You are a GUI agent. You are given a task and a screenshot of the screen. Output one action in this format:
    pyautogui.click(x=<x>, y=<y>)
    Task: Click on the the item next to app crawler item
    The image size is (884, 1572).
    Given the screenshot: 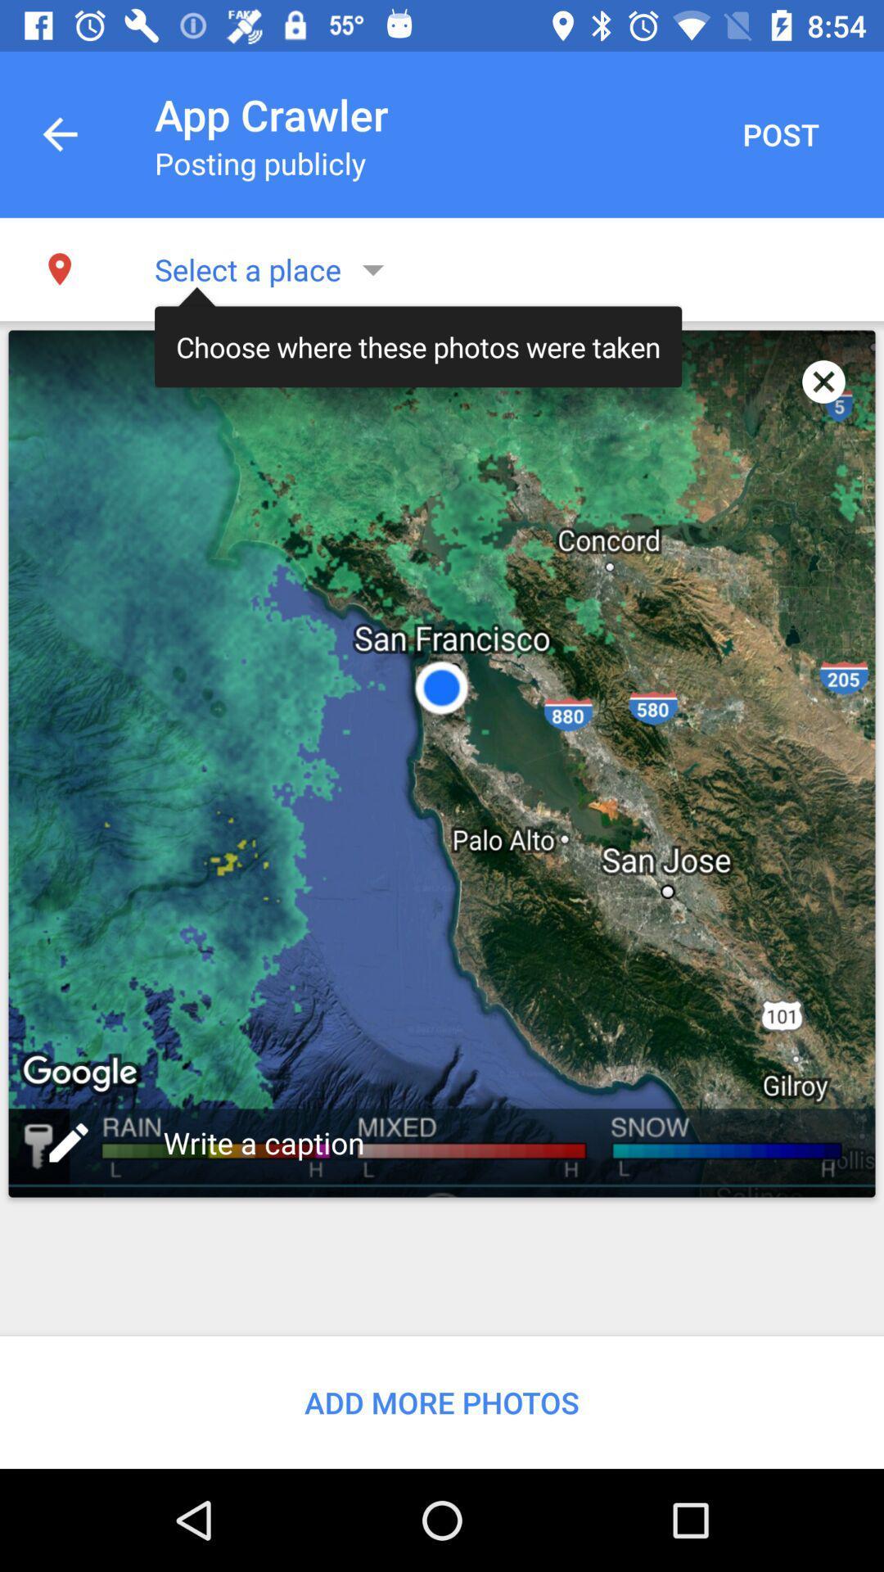 What is the action you would take?
    pyautogui.click(x=59, y=134)
    